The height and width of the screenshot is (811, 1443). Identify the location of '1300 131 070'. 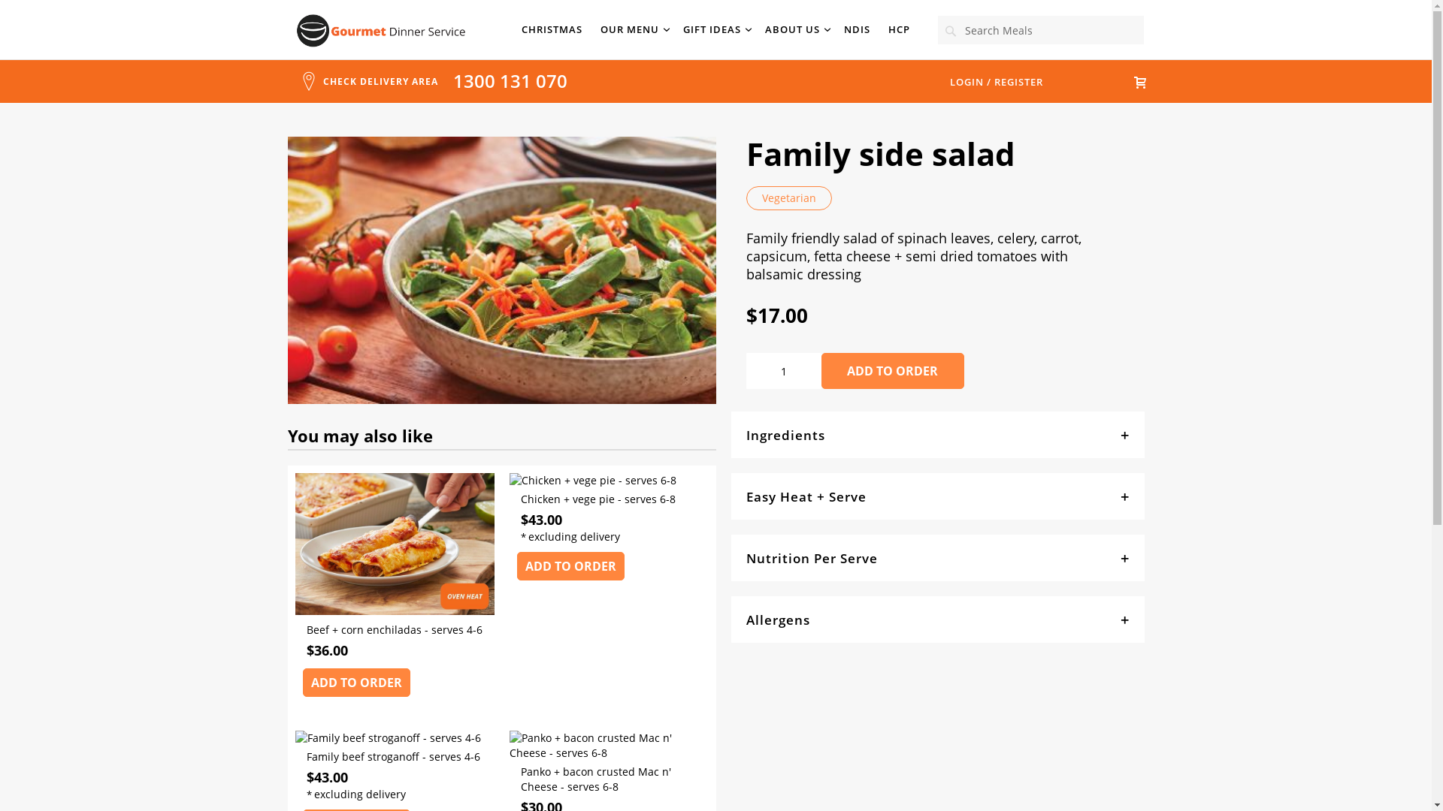
(509, 80).